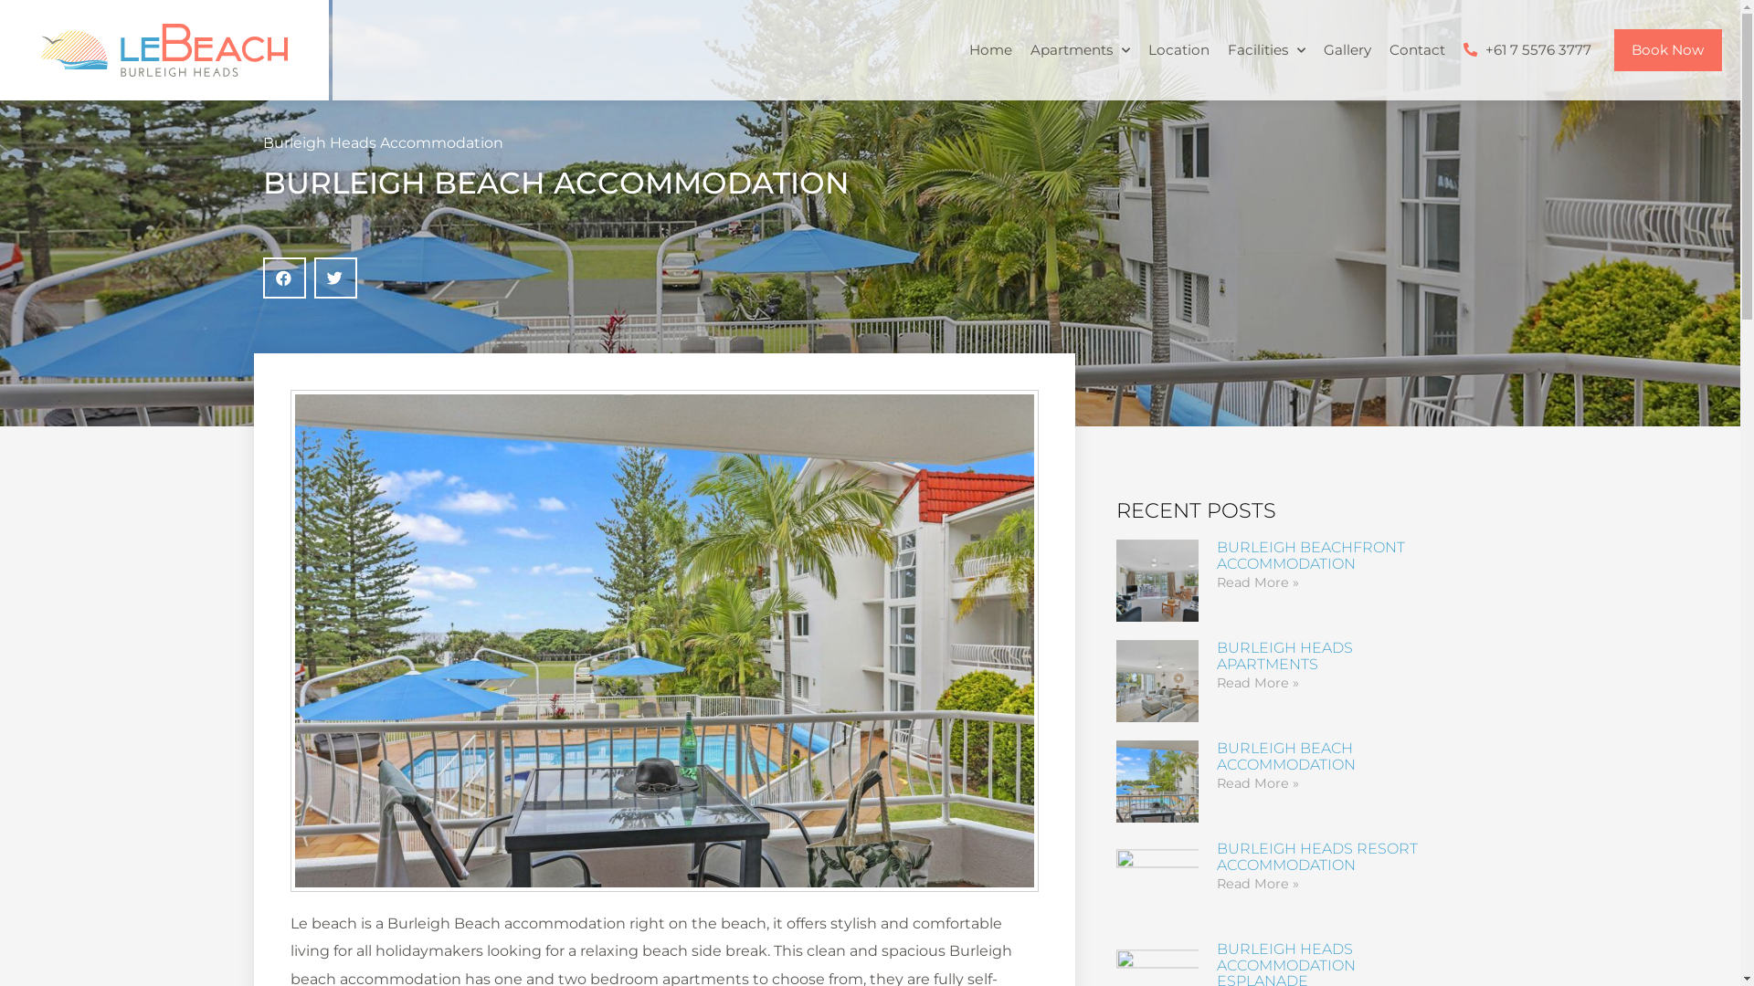  I want to click on 'BURLEIGH HEADS APARTMENTS', so click(1284, 655).